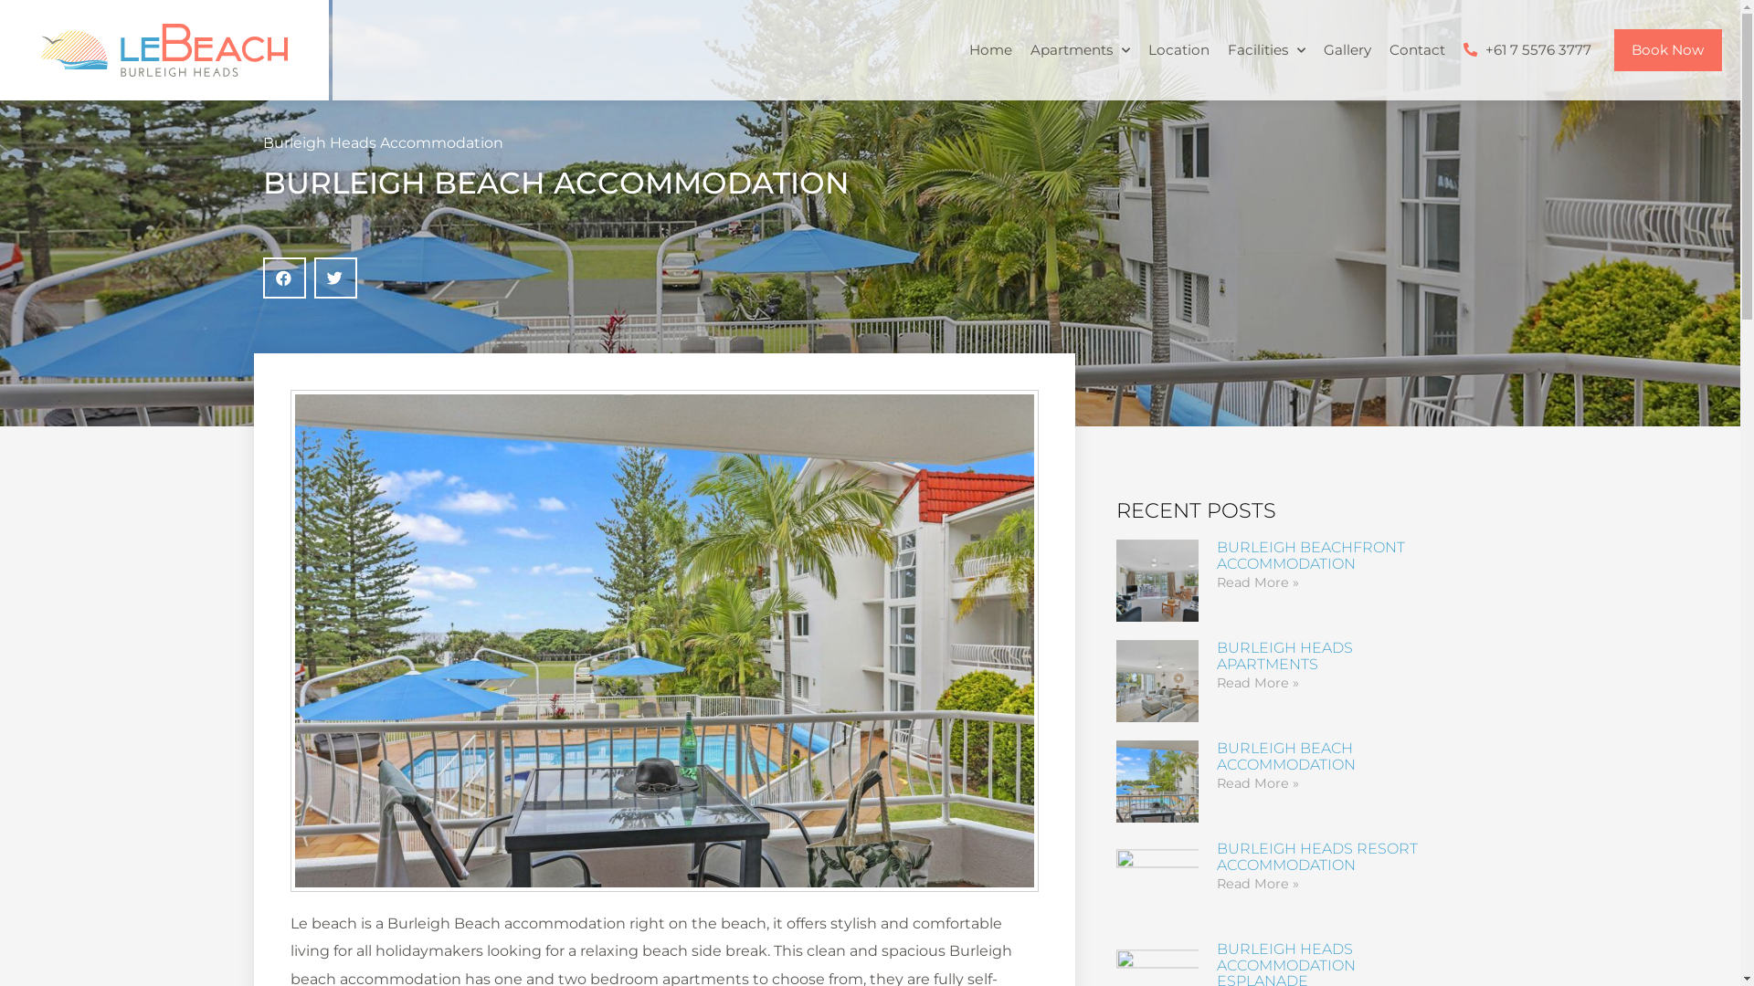  I want to click on 'BURLEIGH HEADS APARTMENTS', so click(1284, 655).